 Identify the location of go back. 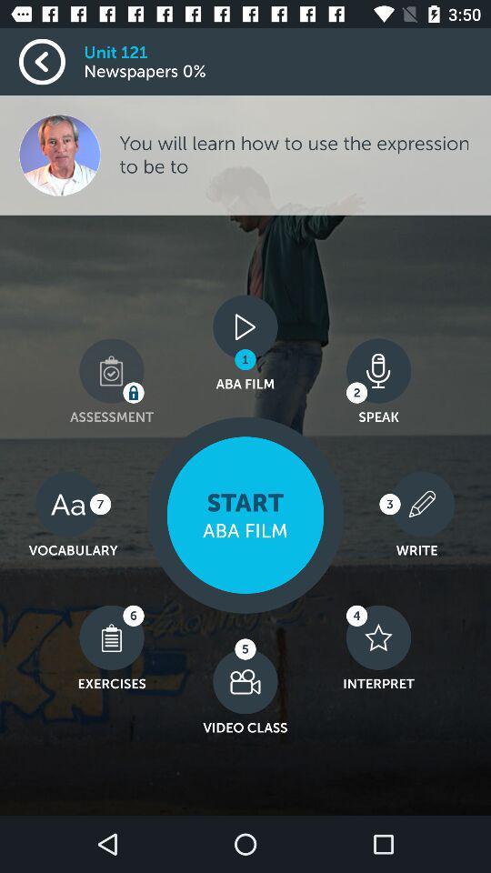
(51, 62).